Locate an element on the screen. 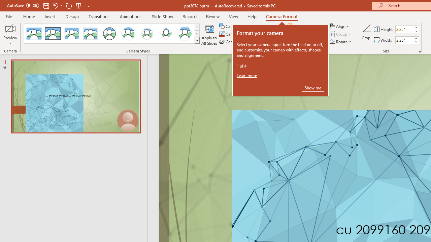 The height and width of the screenshot is (242, 431). 'Align' is located at coordinates (340, 26).